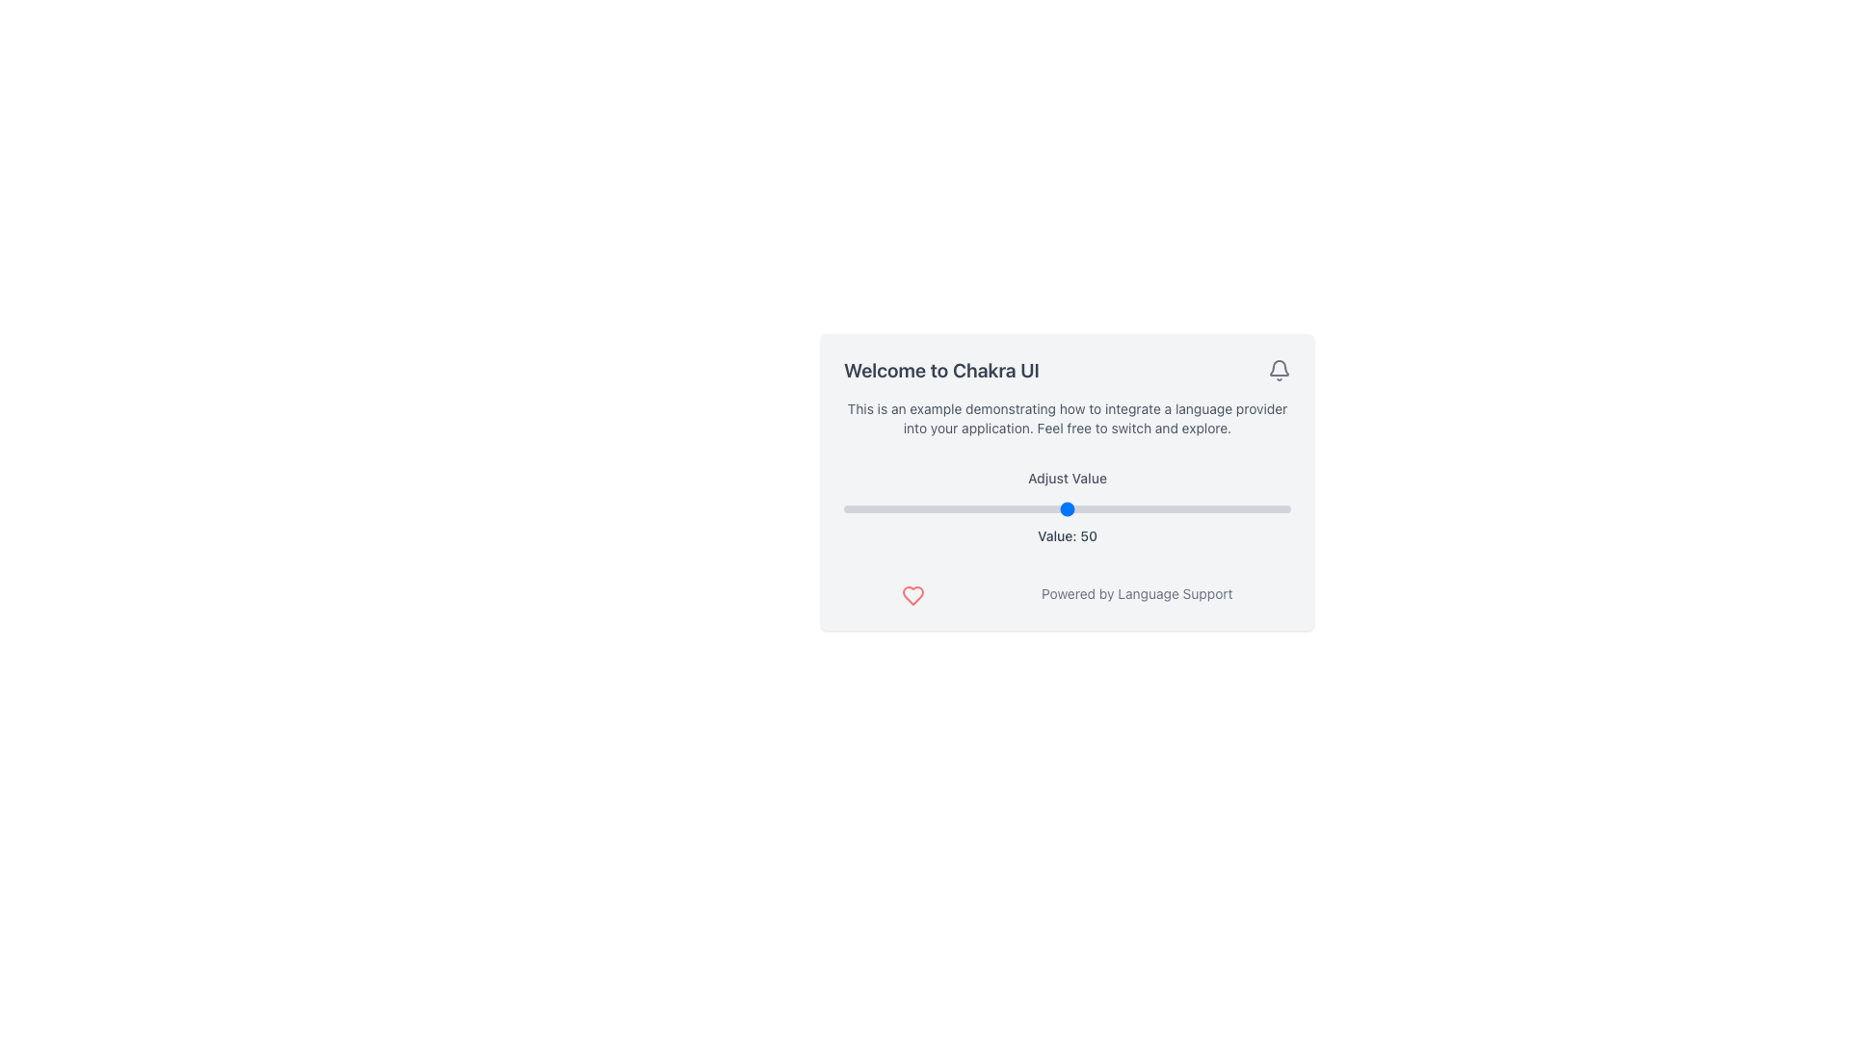 This screenshot has height=1040, width=1850. I want to click on the slider value, so click(856, 507).